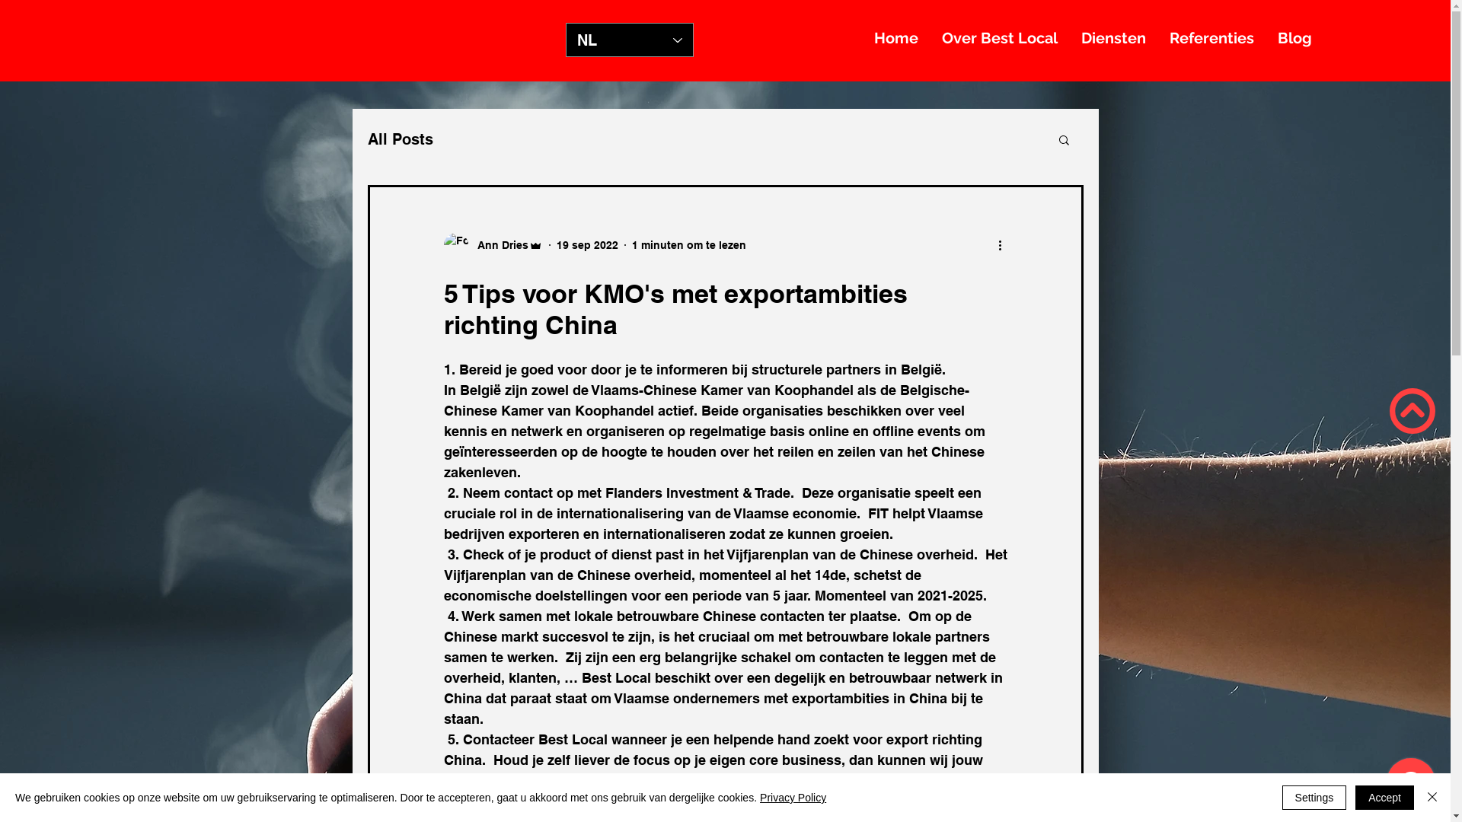 This screenshot has width=1462, height=822. I want to click on 'Accept', so click(1355, 797).